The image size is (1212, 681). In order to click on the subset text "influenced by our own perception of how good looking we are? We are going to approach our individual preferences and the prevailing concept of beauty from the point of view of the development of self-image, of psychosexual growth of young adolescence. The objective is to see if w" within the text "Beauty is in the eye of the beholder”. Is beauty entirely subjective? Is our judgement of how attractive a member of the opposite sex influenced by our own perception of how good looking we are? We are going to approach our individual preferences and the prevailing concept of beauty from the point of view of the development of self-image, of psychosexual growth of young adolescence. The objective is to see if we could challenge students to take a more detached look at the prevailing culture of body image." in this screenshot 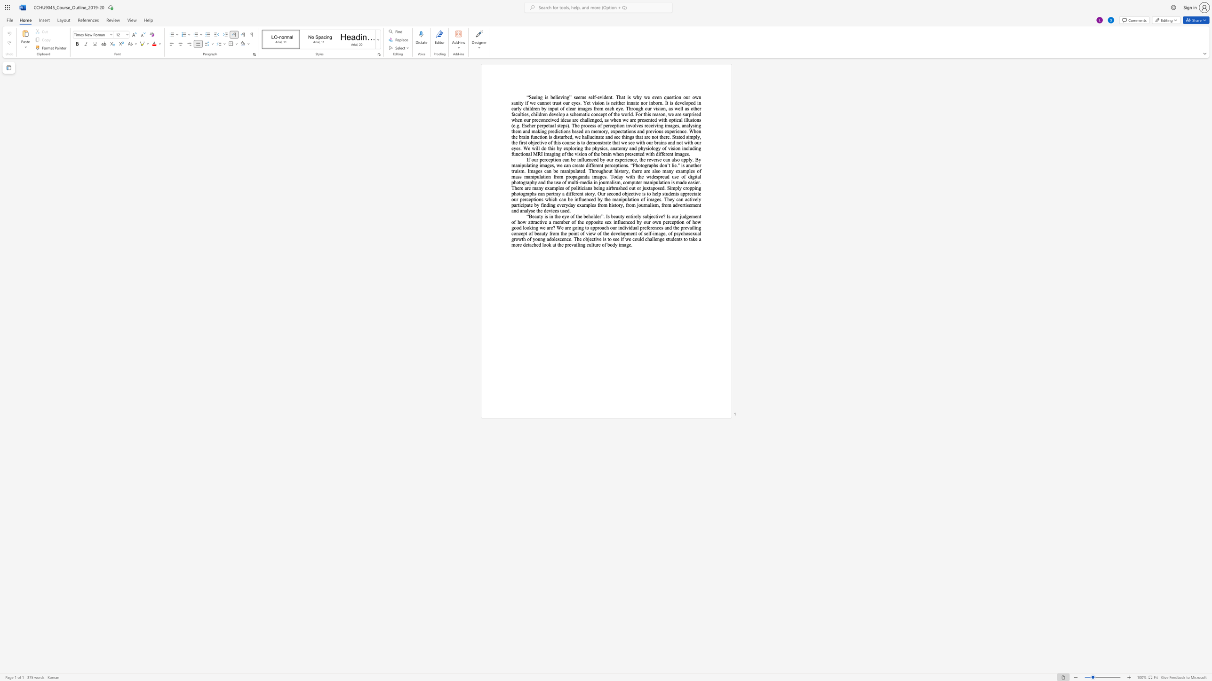, I will do `click(613, 221)`.